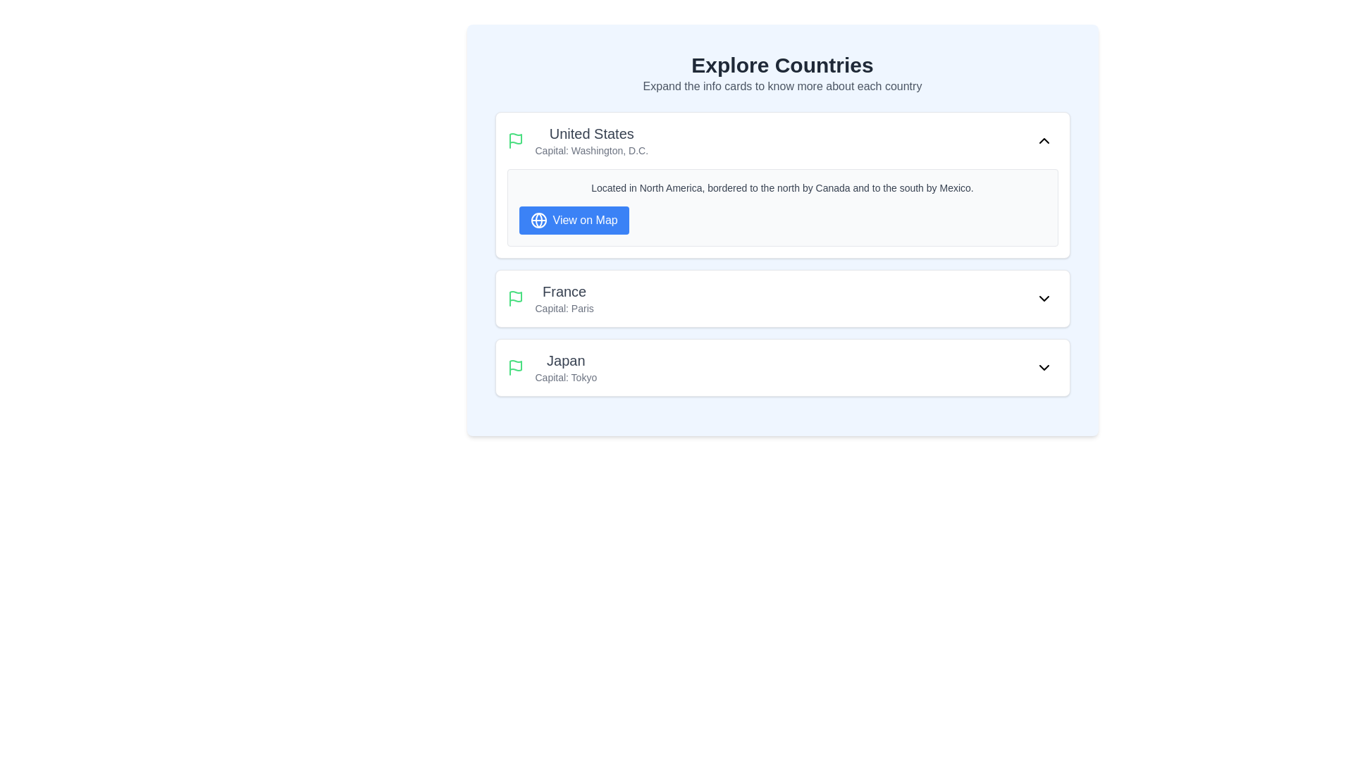  I want to click on the text element that contains 'Capital: Washington, D.C.', which is styled in gray and positioned below 'United States', so click(591, 150).